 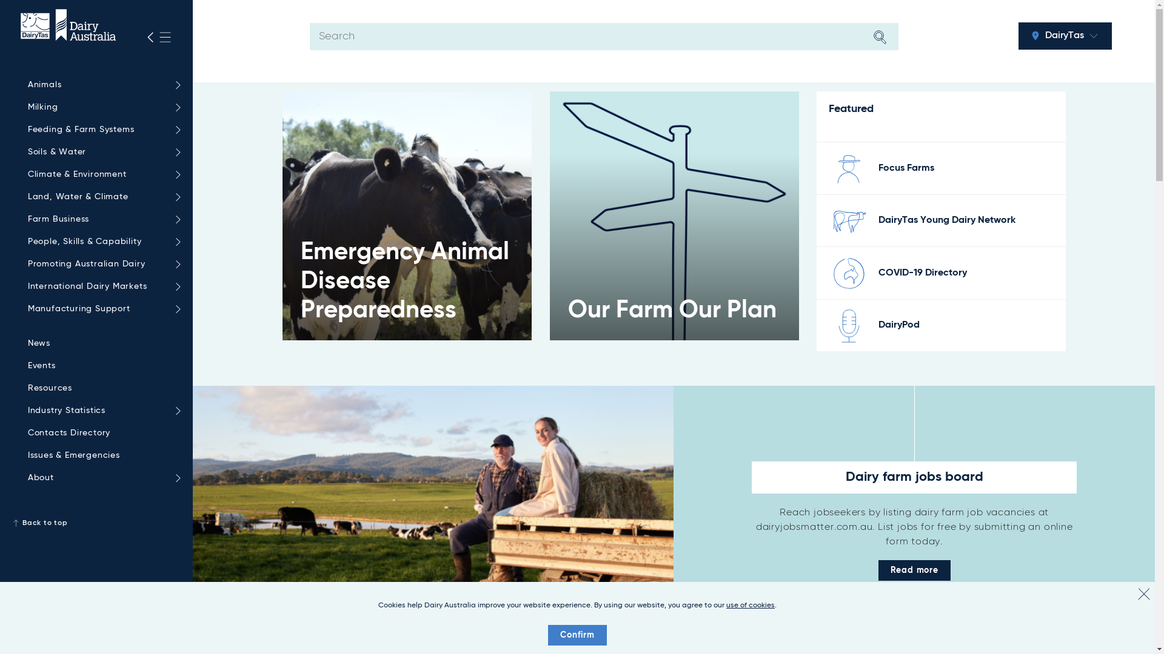 What do you see at coordinates (577, 635) in the screenshot?
I see `'Confirm'` at bounding box center [577, 635].